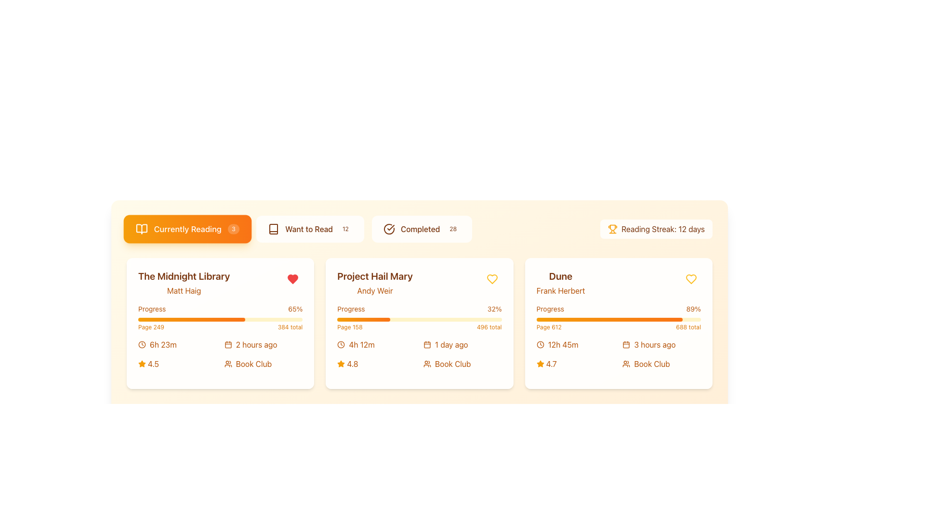  Describe the element at coordinates (177, 364) in the screenshot. I see `the Rating display for 'The Midnight Library' book in the 'Currently Reading' section, which shows the rating score of '4.5'` at that location.